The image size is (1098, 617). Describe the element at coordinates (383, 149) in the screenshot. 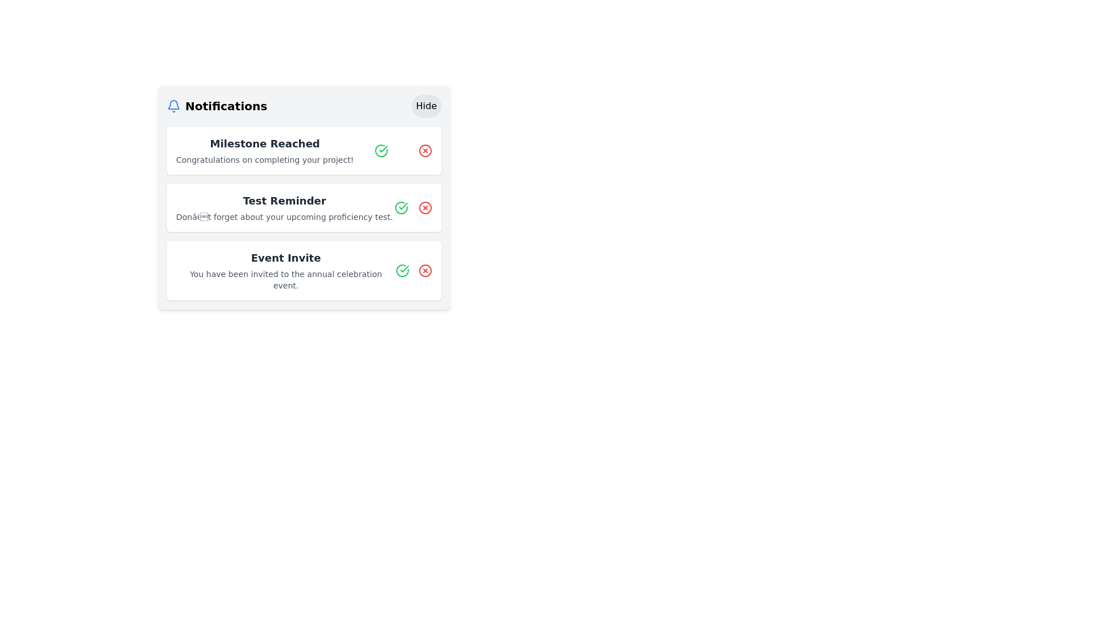

I see `the Decorative SVG icon that indicates a successful or completed action, located in the second notification item labeled 'Test Reminder' in the notifications list` at that location.